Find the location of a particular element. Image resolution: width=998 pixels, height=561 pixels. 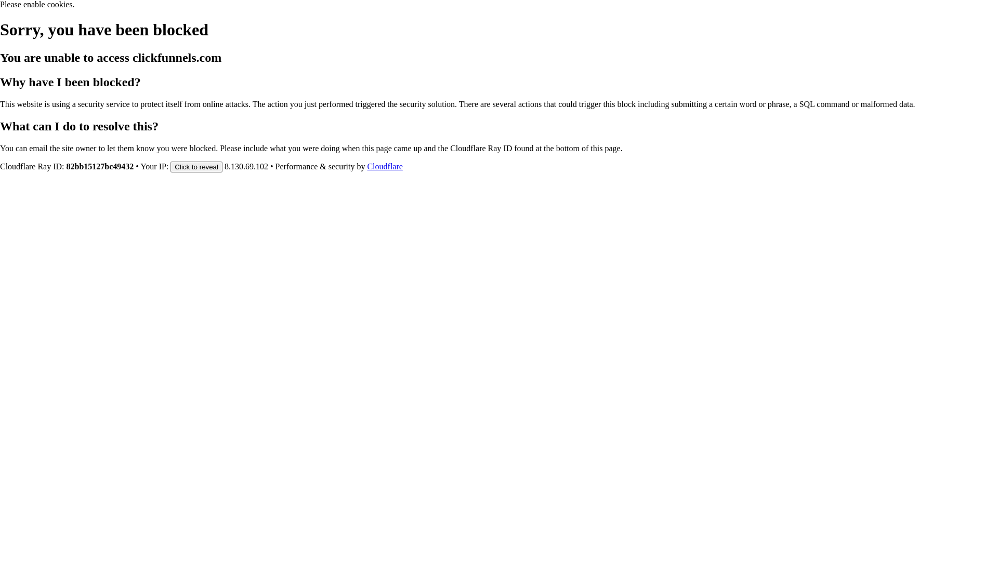

'Cloudflare' is located at coordinates (384, 166).